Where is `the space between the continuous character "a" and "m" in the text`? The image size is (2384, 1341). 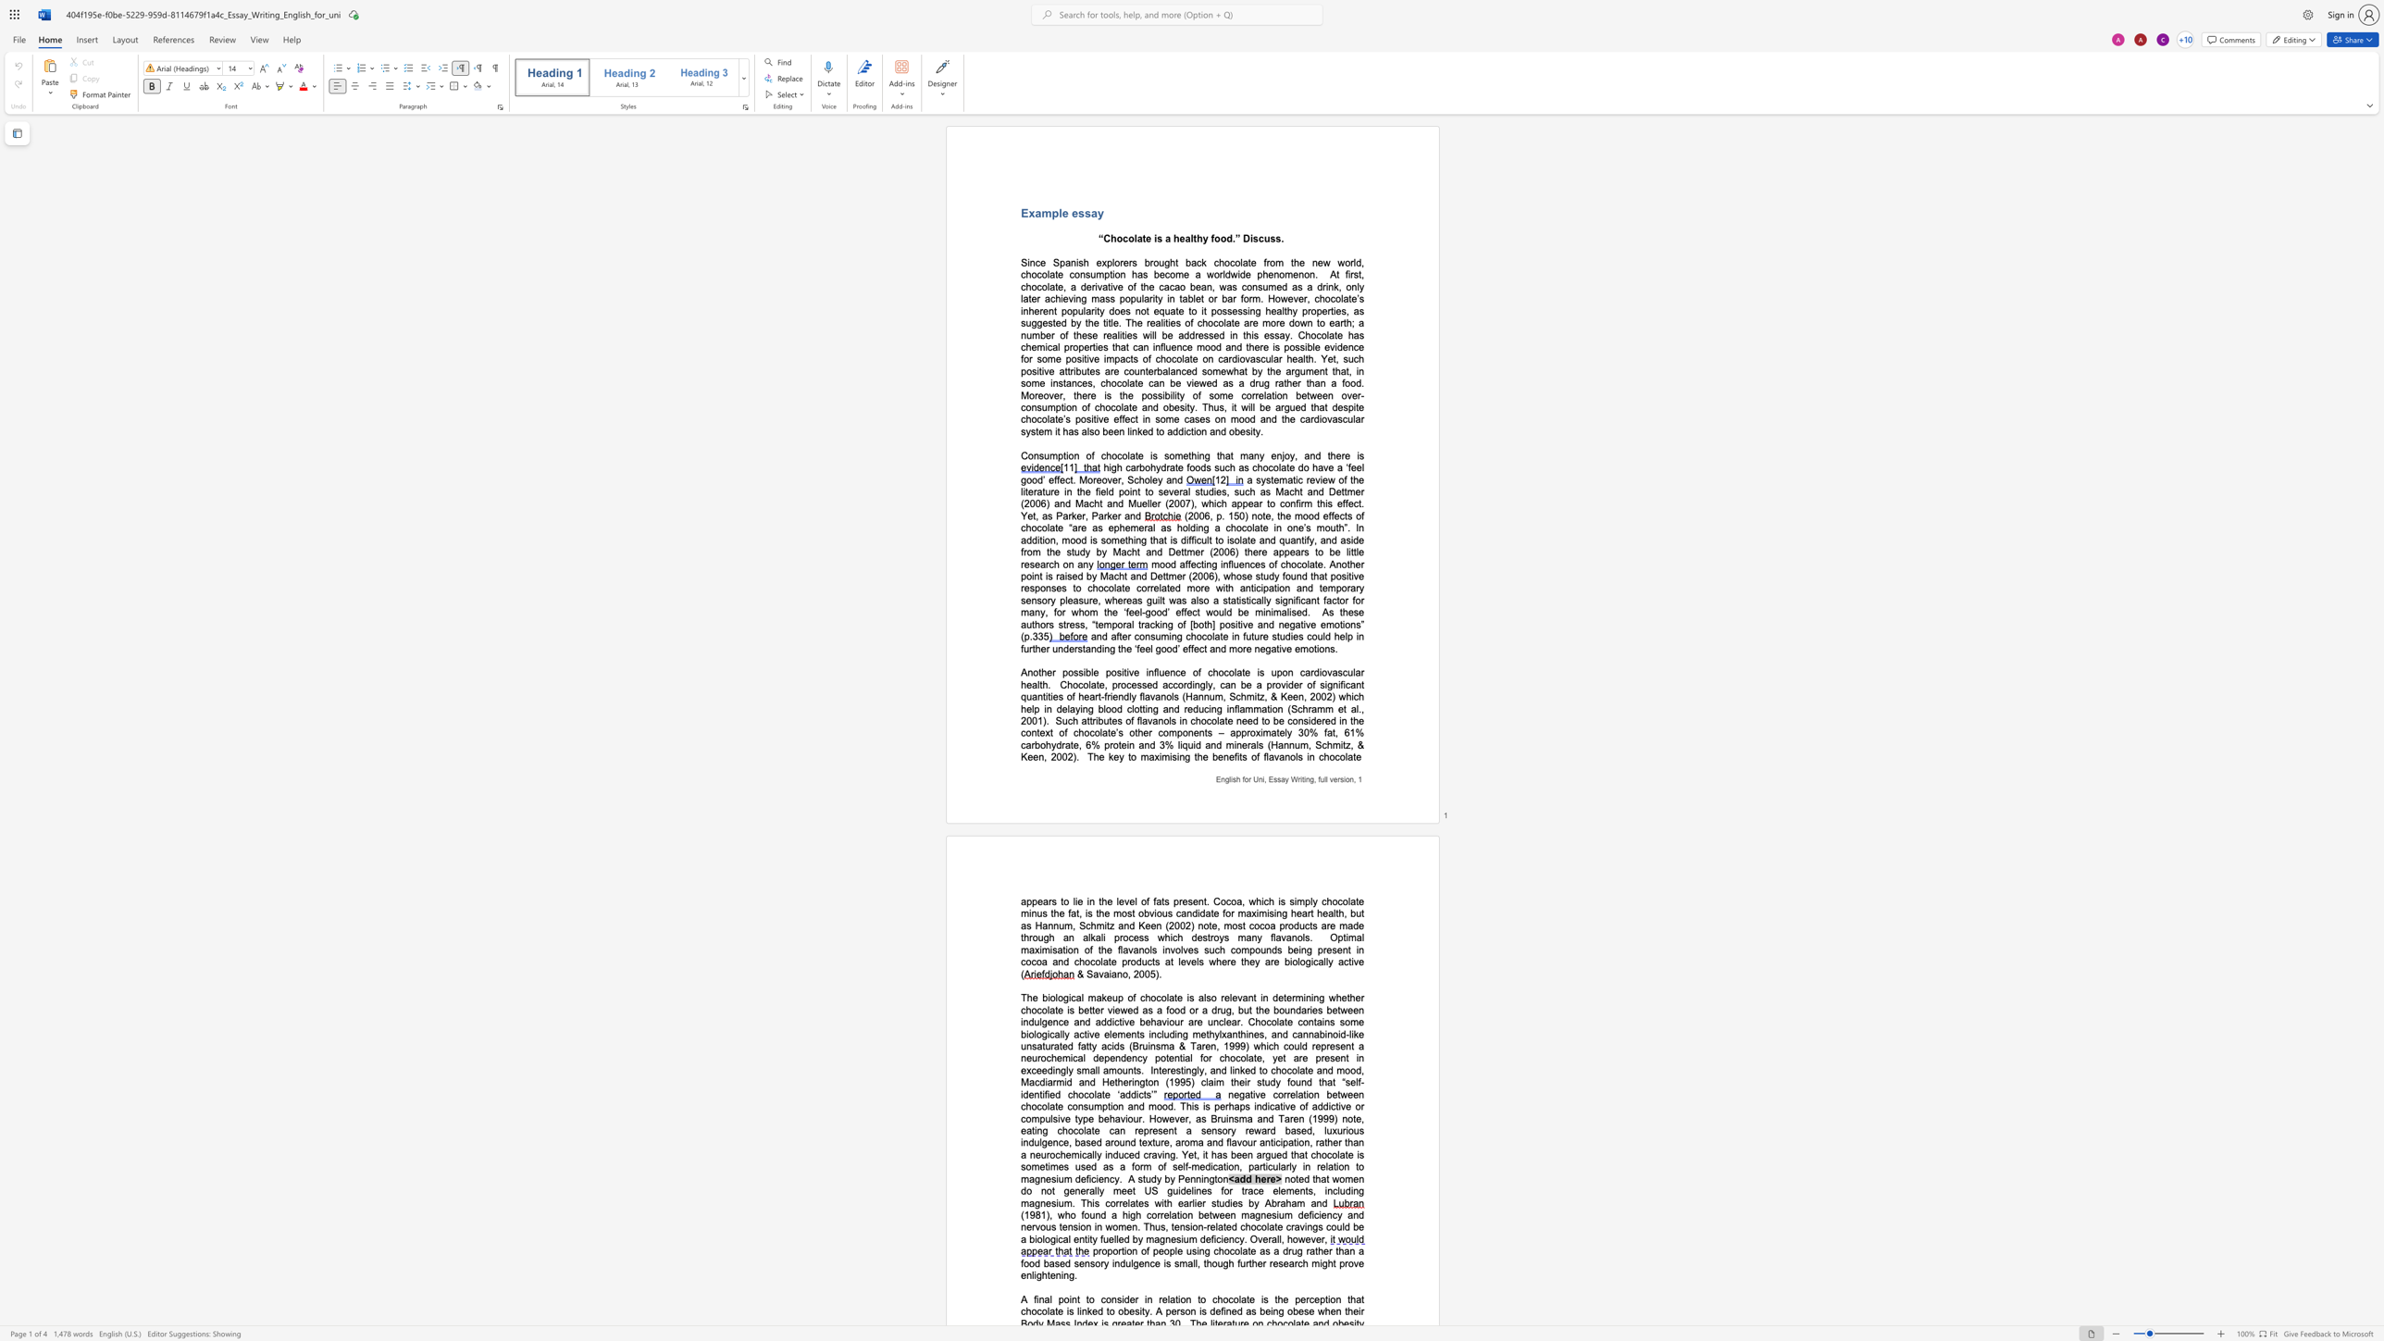 the space between the continuous character "a" and "m" in the text is located at coordinates (1042, 212).